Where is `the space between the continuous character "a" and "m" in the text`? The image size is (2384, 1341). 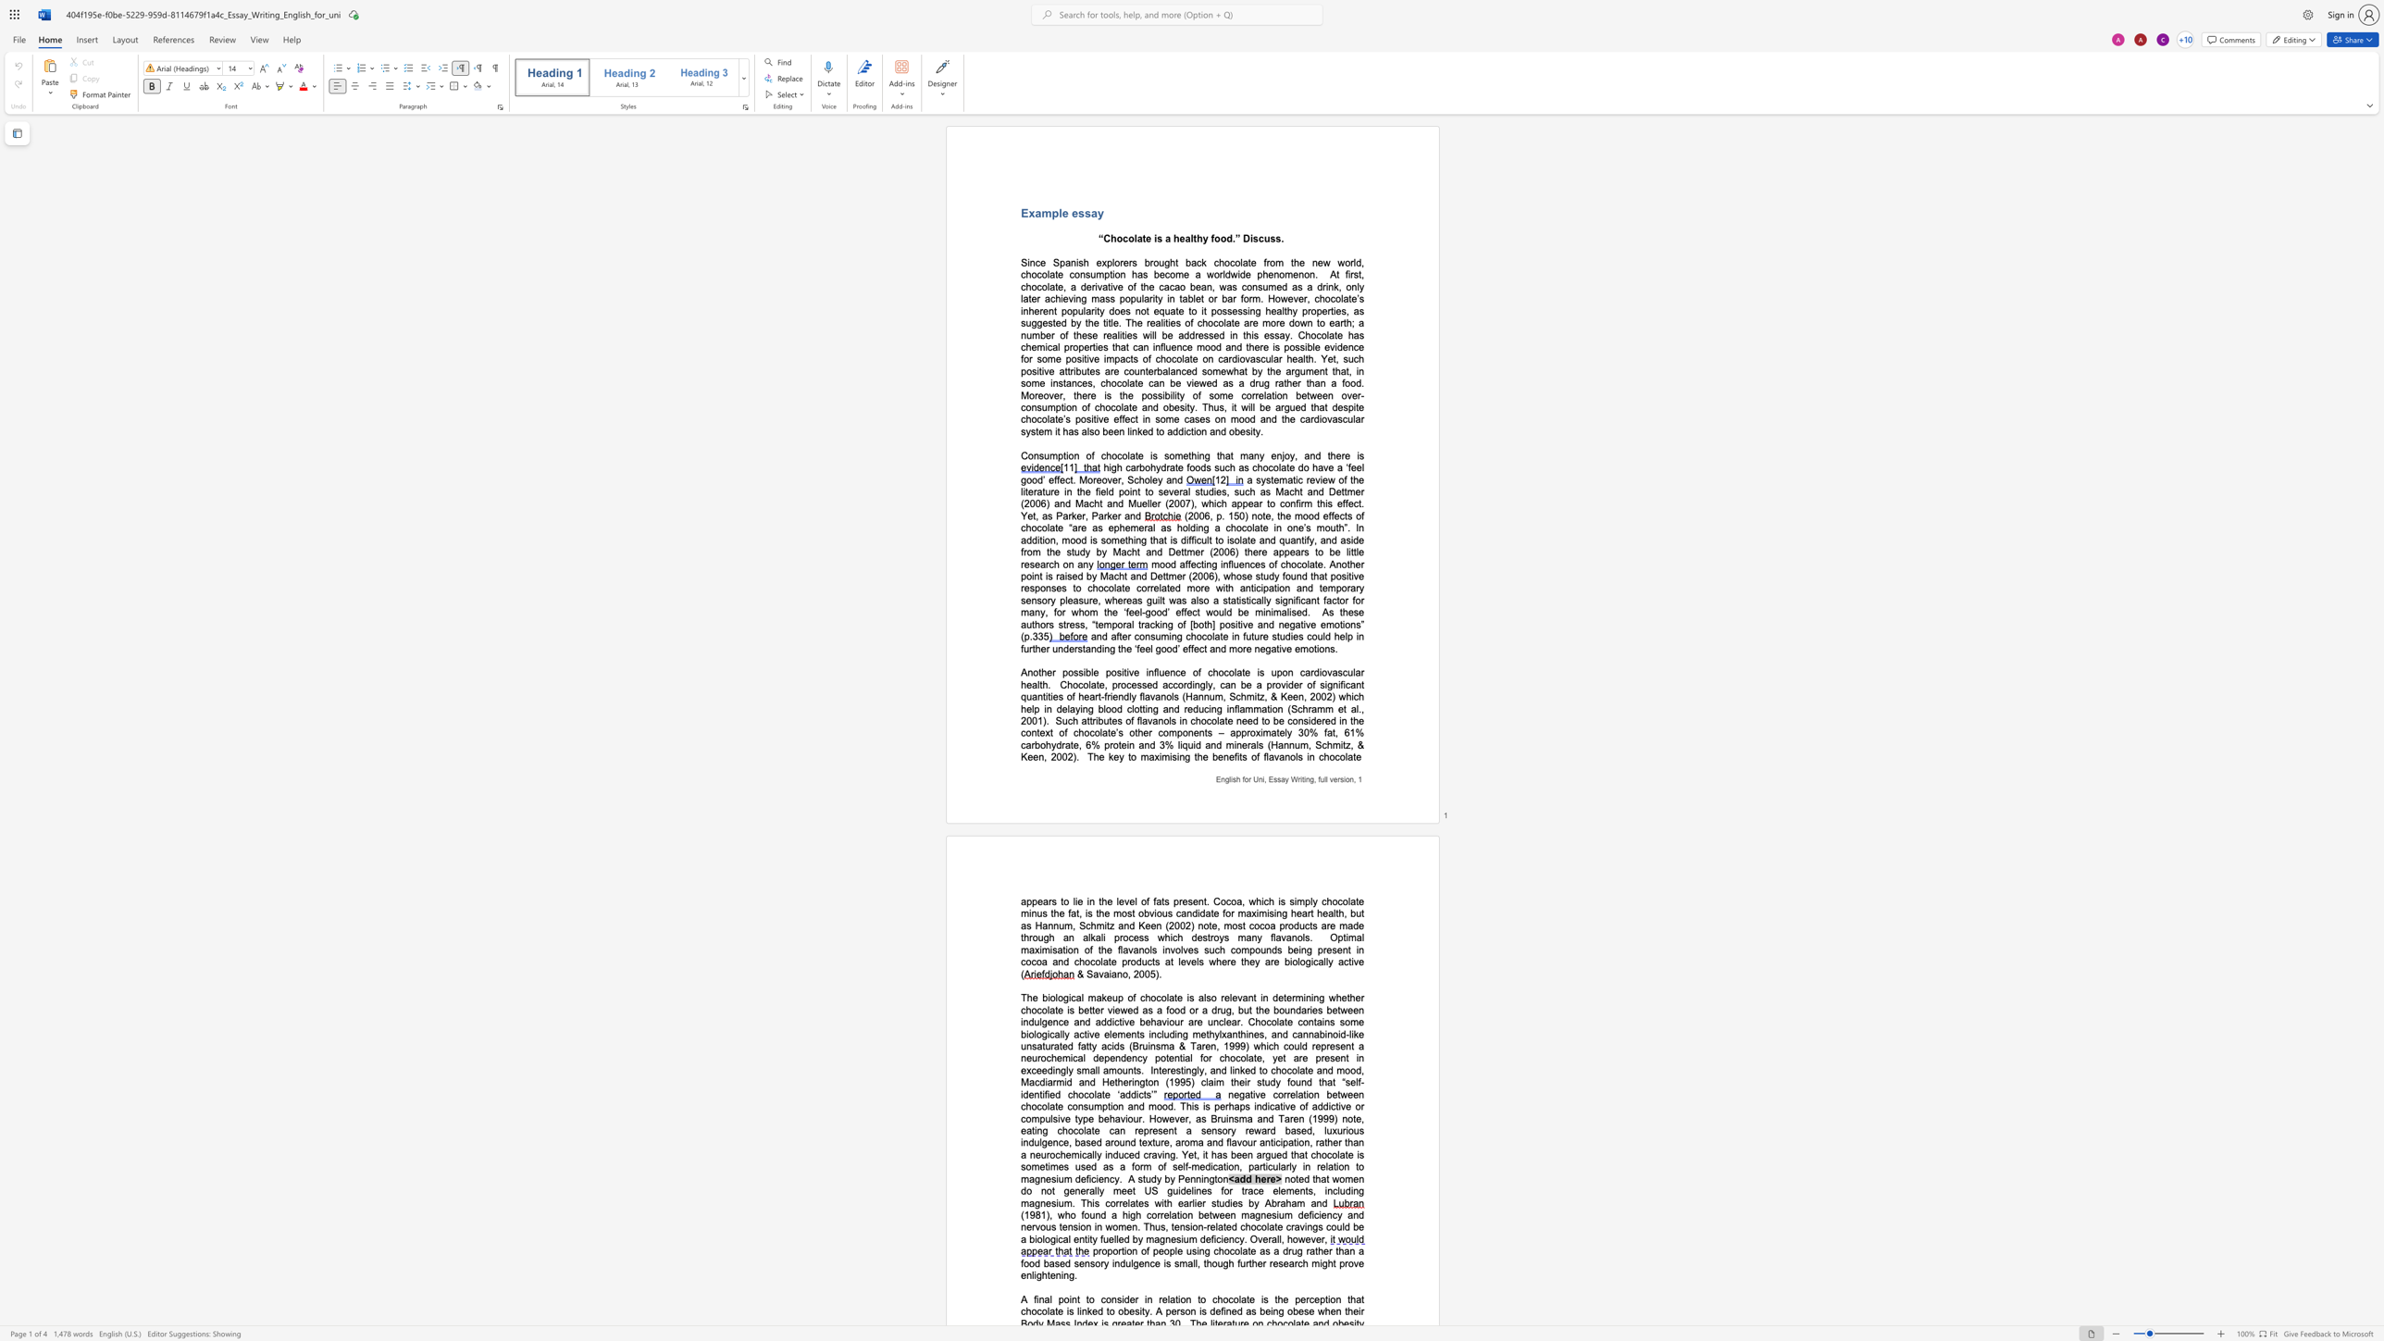 the space between the continuous character "a" and "m" in the text is located at coordinates (1042, 212).